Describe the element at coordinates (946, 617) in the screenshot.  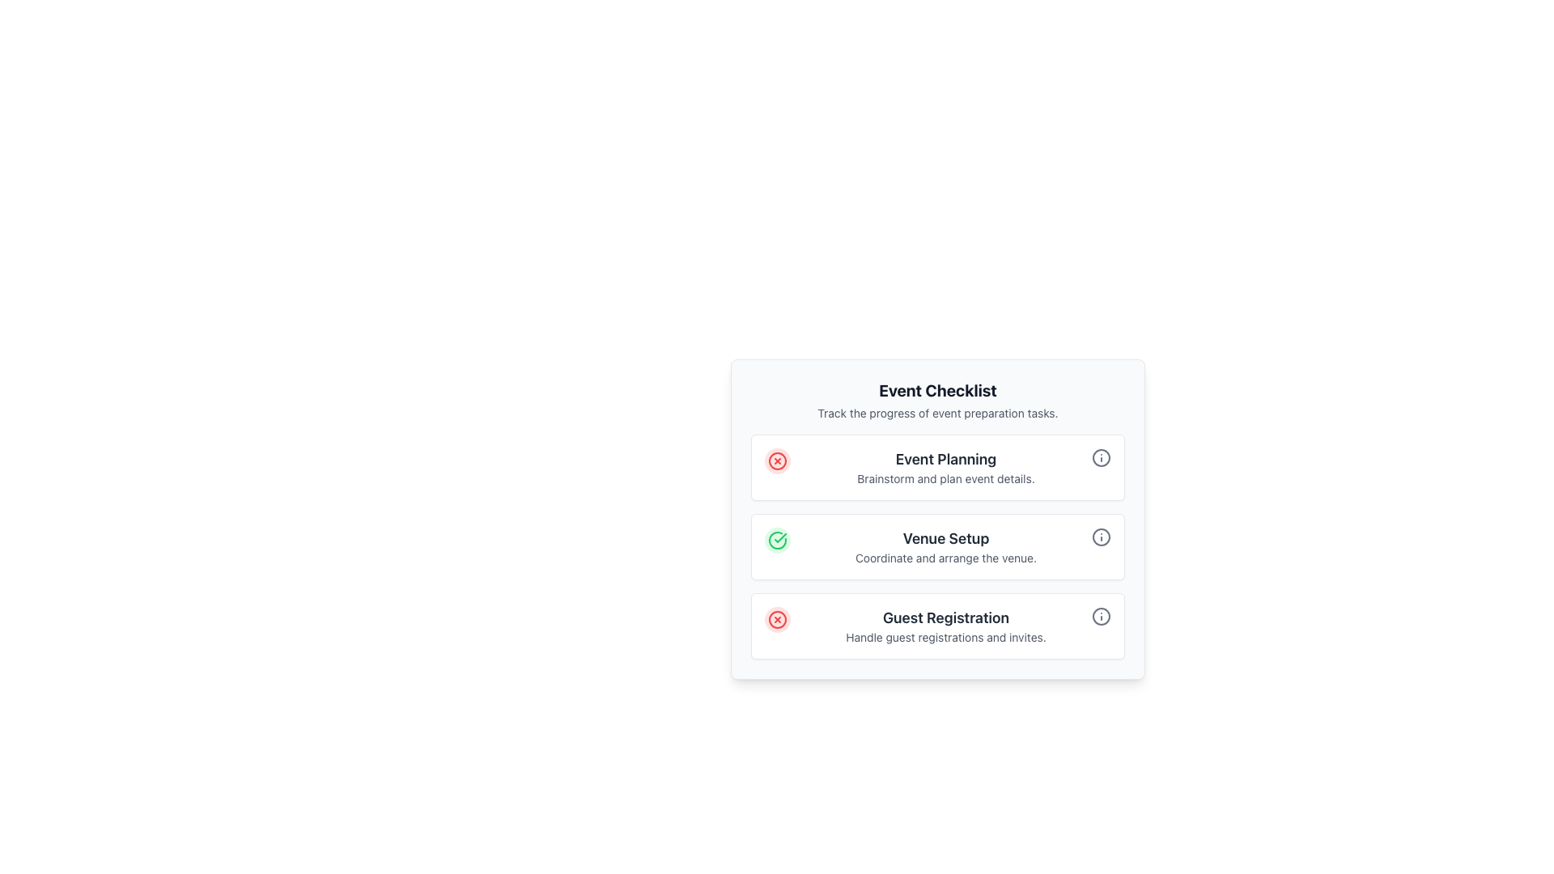
I see `text label 'Guest Registration' which is styled in bold and large font color dark gray, located in the third entry of the Event Checklist card layout` at that location.